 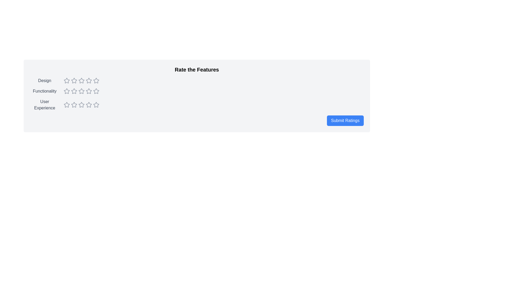 What do you see at coordinates (89, 91) in the screenshot?
I see `the third star icon from the left` at bounding box center [89, 91].